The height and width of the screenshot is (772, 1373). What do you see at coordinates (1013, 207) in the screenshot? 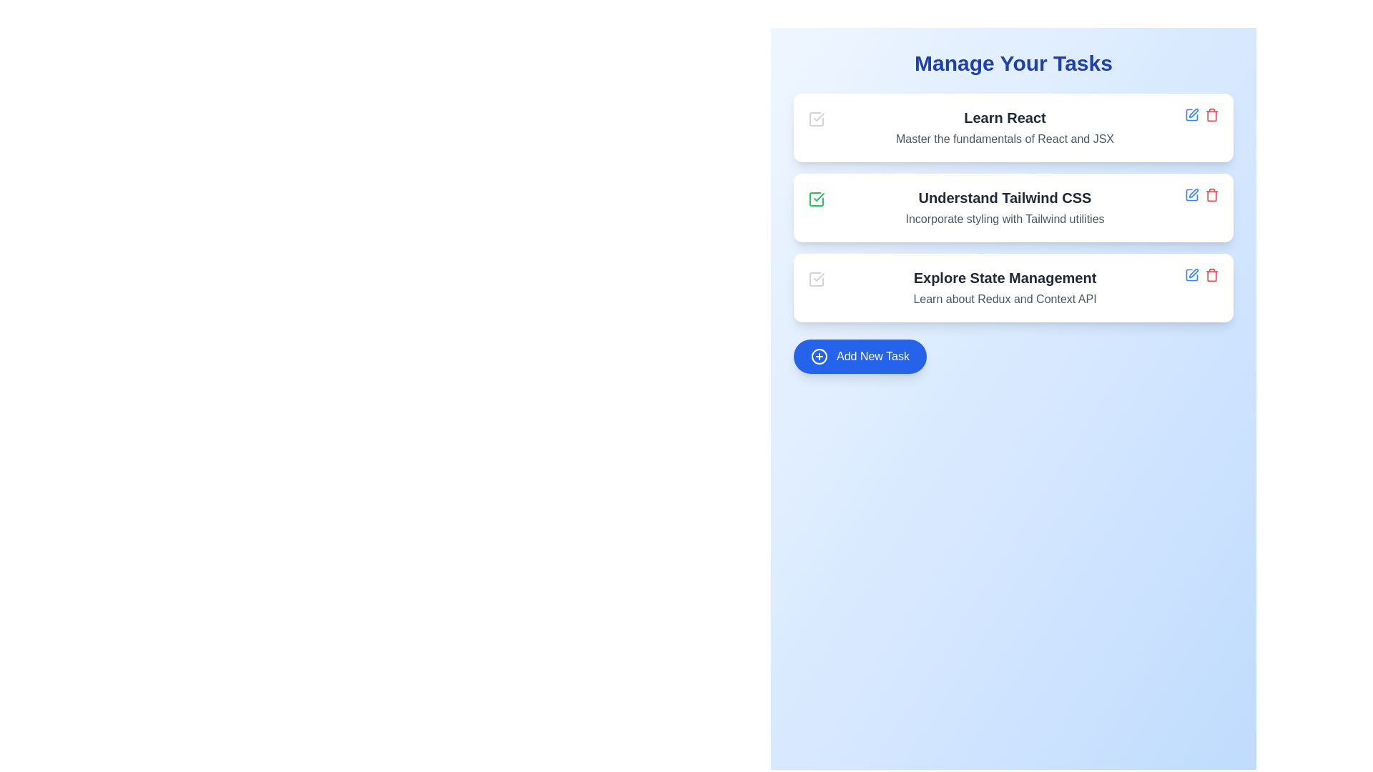
I see `the task title 'Understand Tailwind CSS'` at bounding box center [1013, 207].